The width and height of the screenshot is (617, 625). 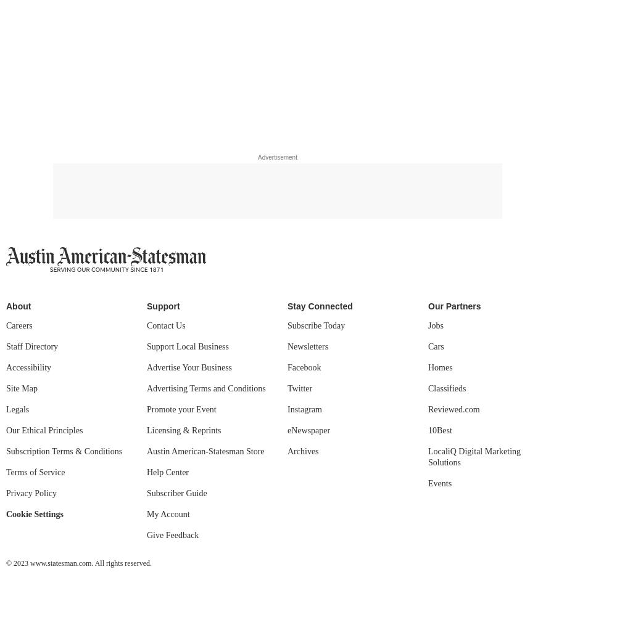 What do you see at coordinates (184, 430) in the screenshot?
I see `'Licensing & Reprints'` at bounding box center [184, 430].